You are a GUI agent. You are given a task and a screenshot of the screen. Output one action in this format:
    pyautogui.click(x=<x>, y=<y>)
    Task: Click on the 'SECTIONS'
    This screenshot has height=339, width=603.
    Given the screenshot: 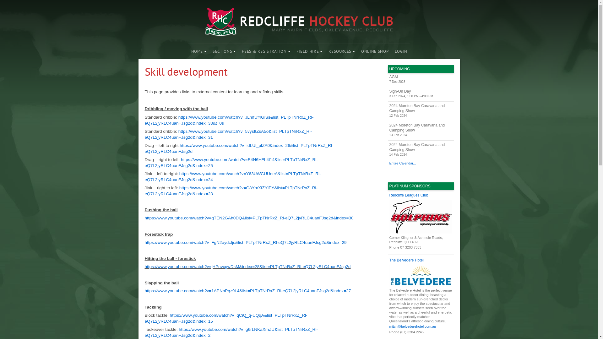 What is the action you would take?
    pyautogui.click(x=209, y=51)
    